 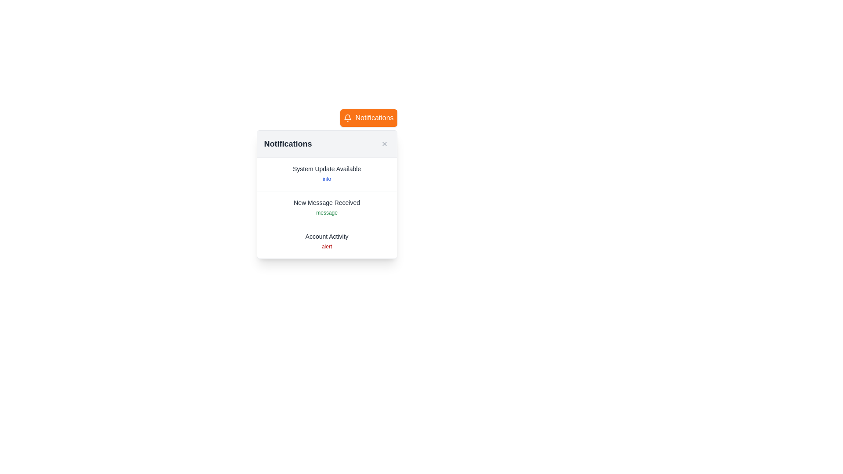 What do you see at coordinates (326, 213) in the screenshot?
I see `the small green informational text label located in the second row of the notification card, beneath the text 'New Message Received'` at bounding box center [326, 213].